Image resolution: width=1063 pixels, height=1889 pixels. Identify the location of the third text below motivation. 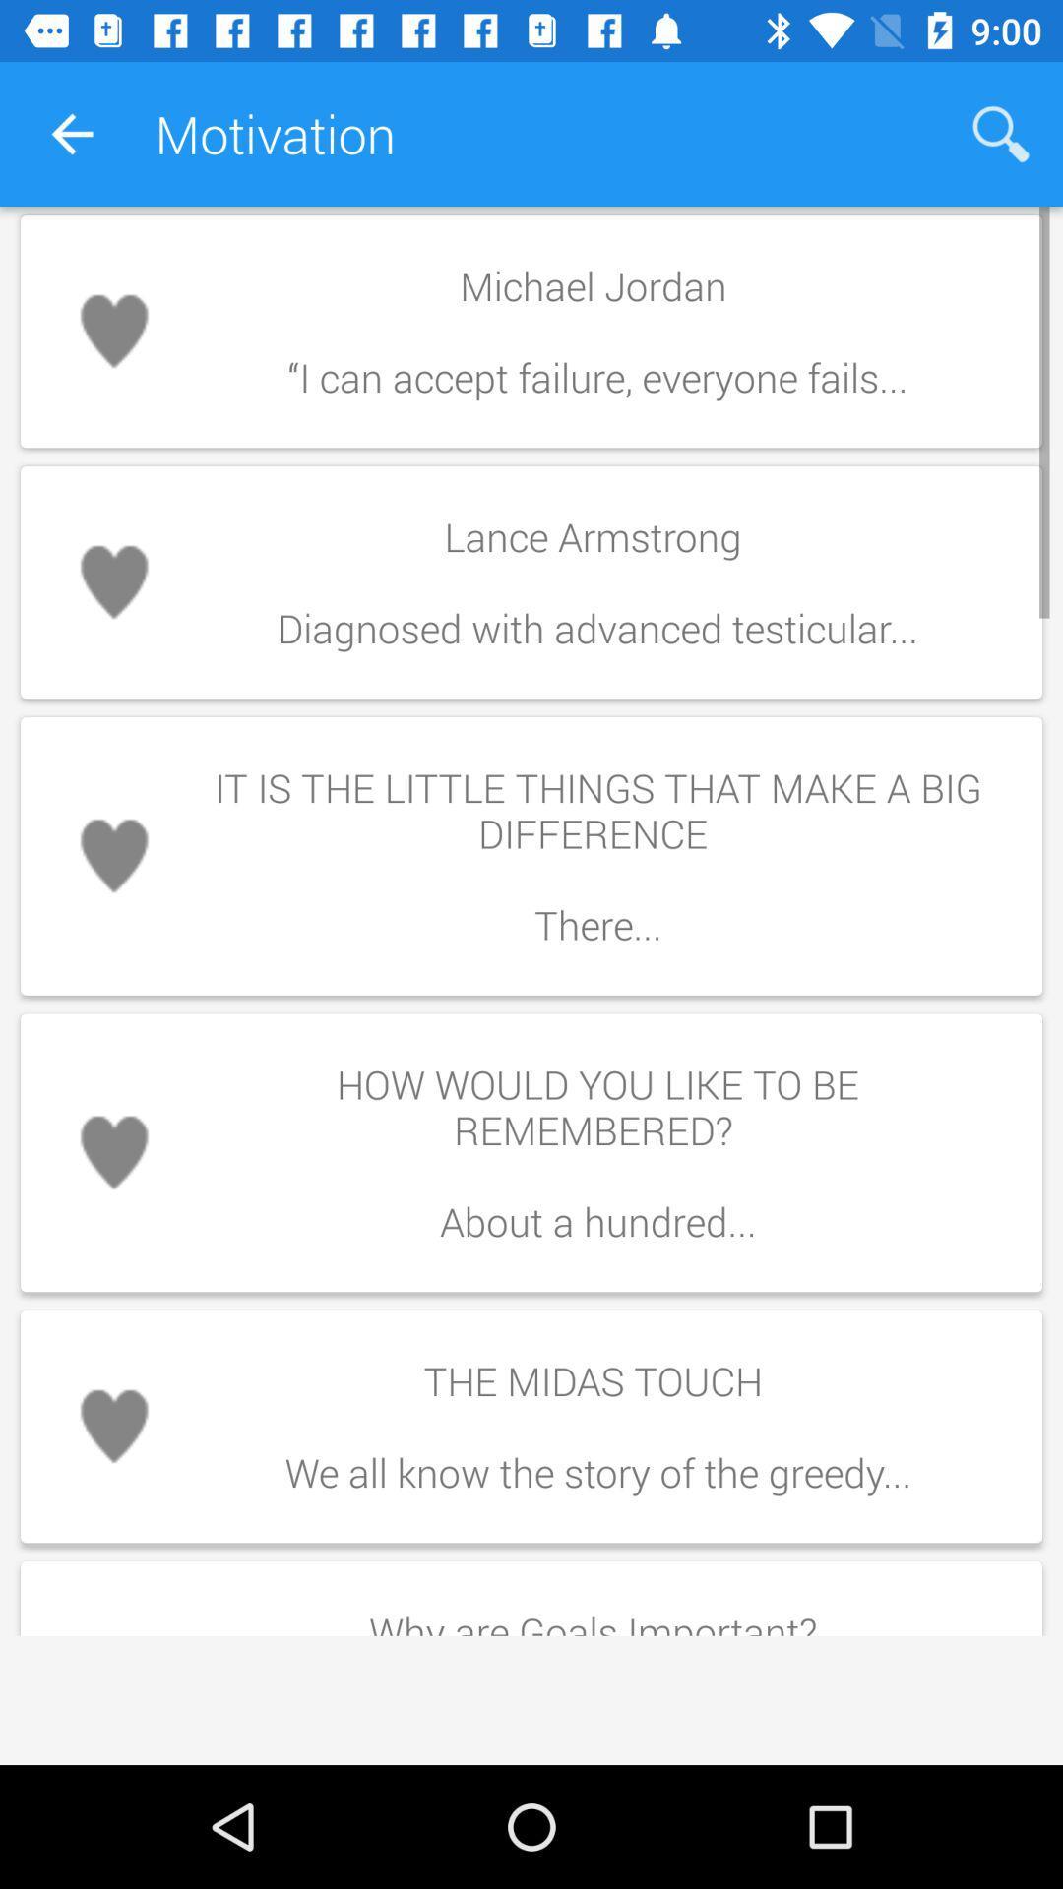
(531, 856).